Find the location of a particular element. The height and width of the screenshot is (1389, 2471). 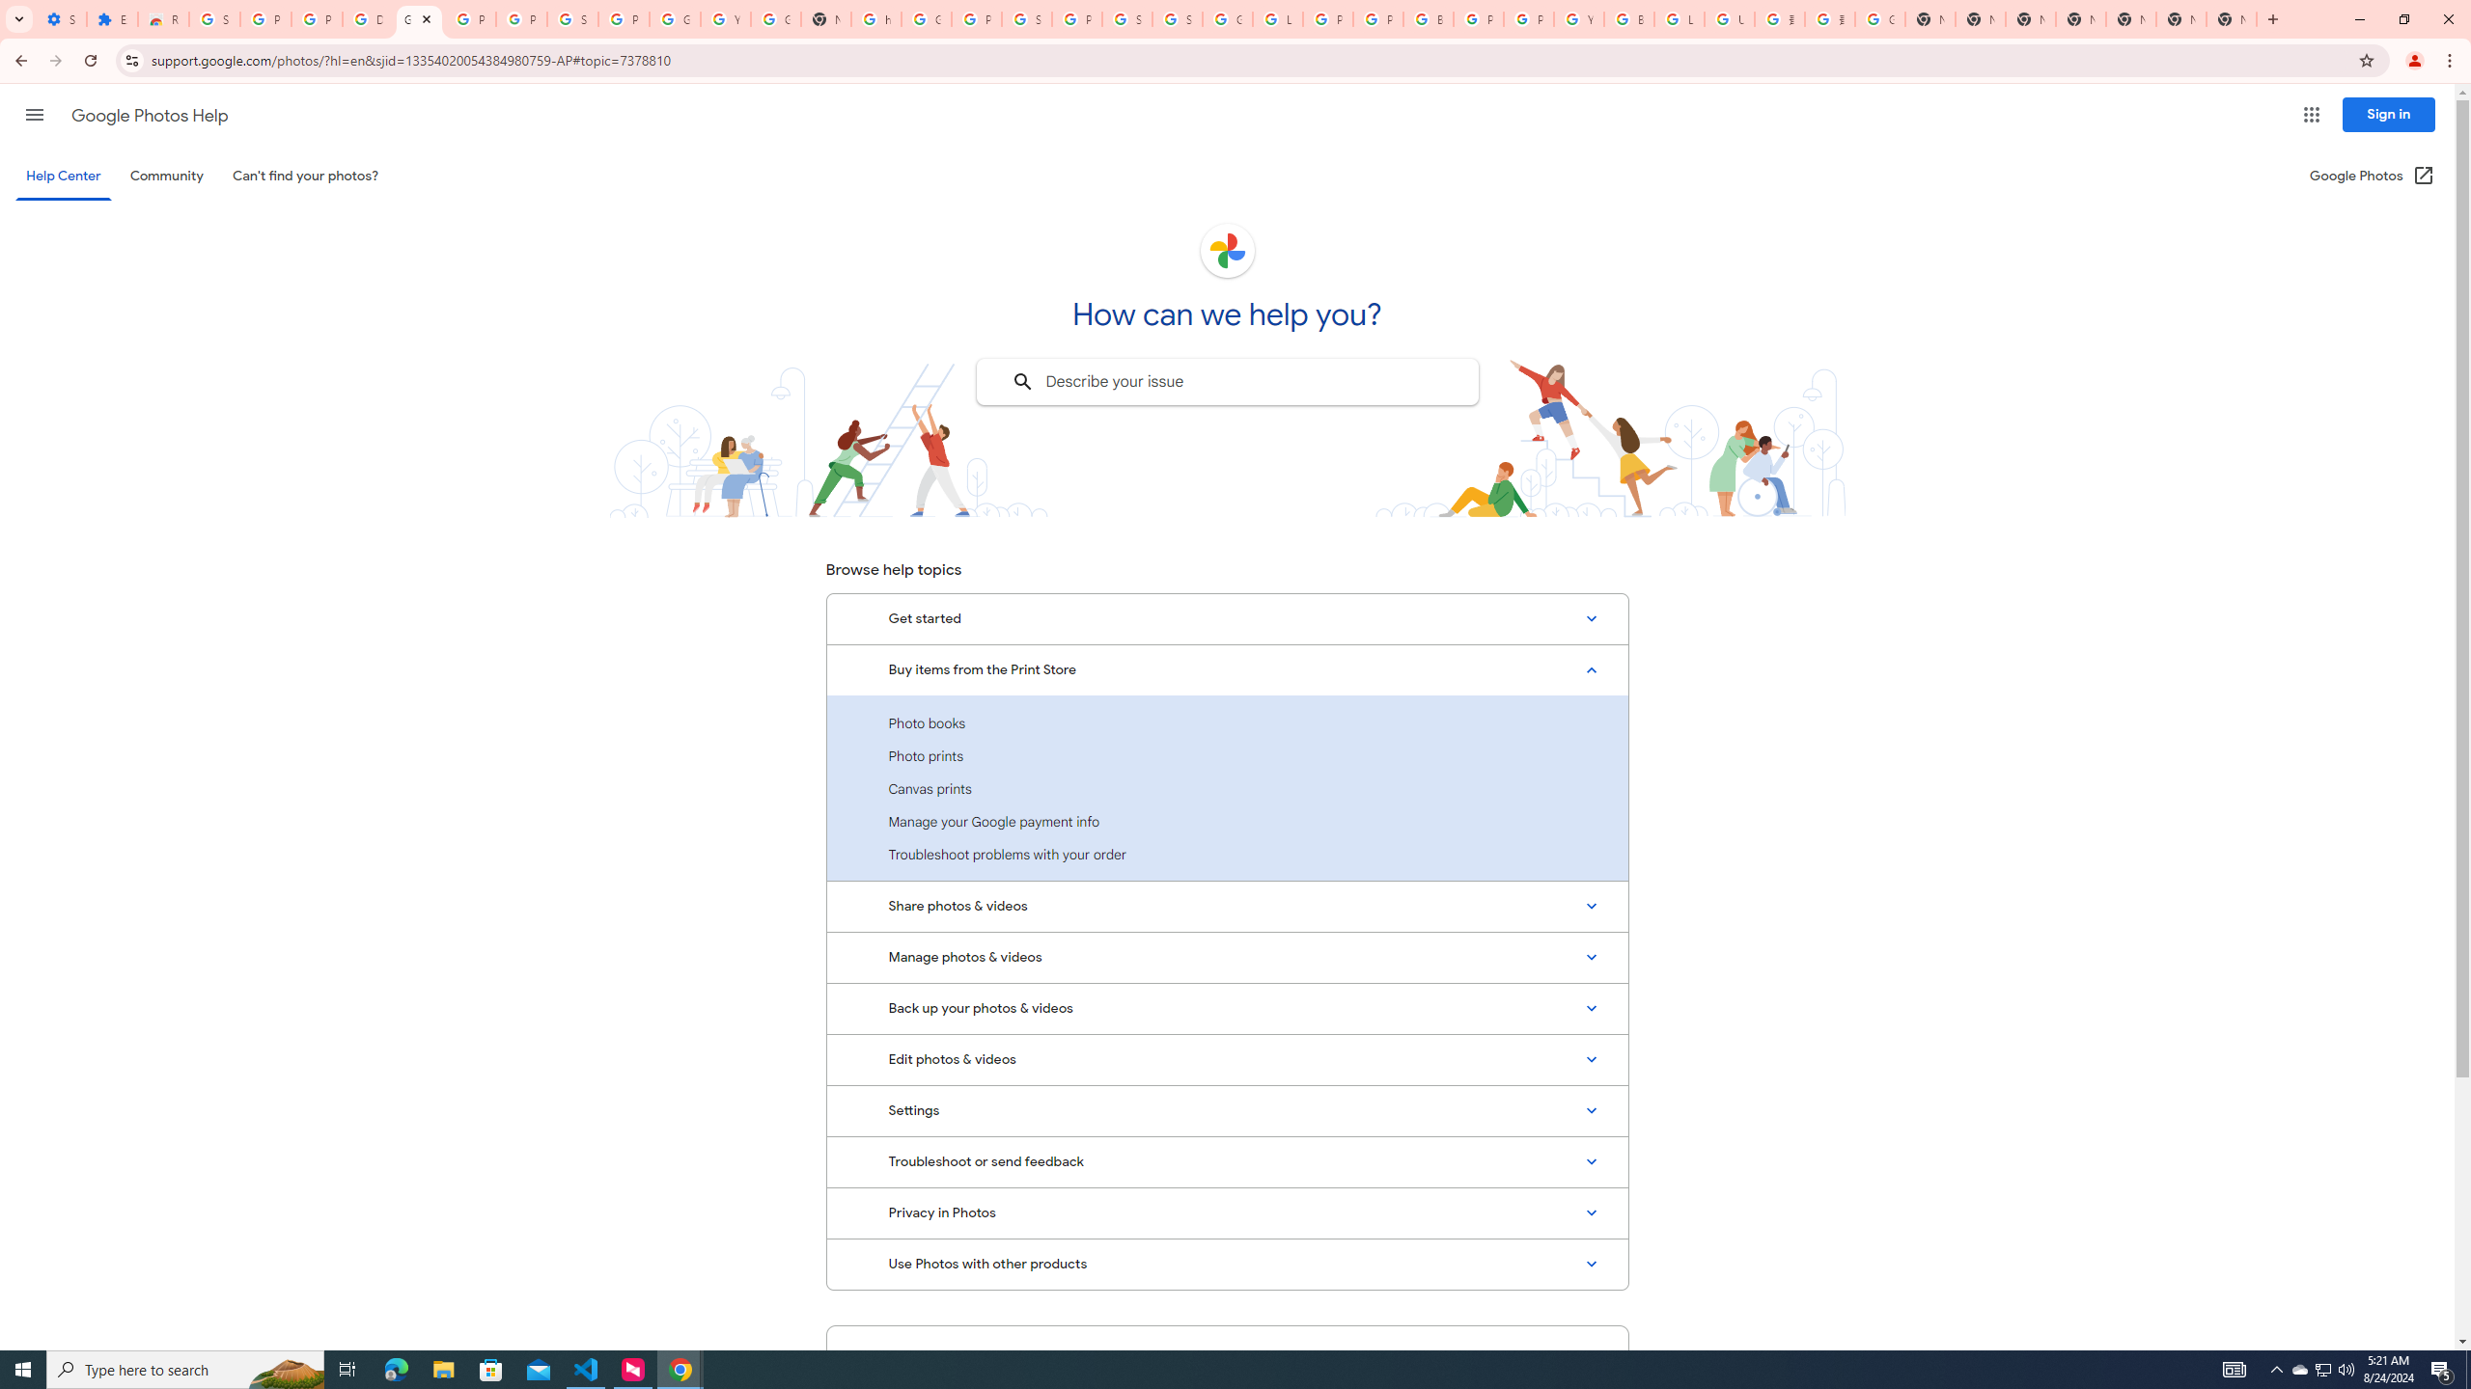

'Privacy Help Center - Policies Help' is located at coordinates (1327, 18).